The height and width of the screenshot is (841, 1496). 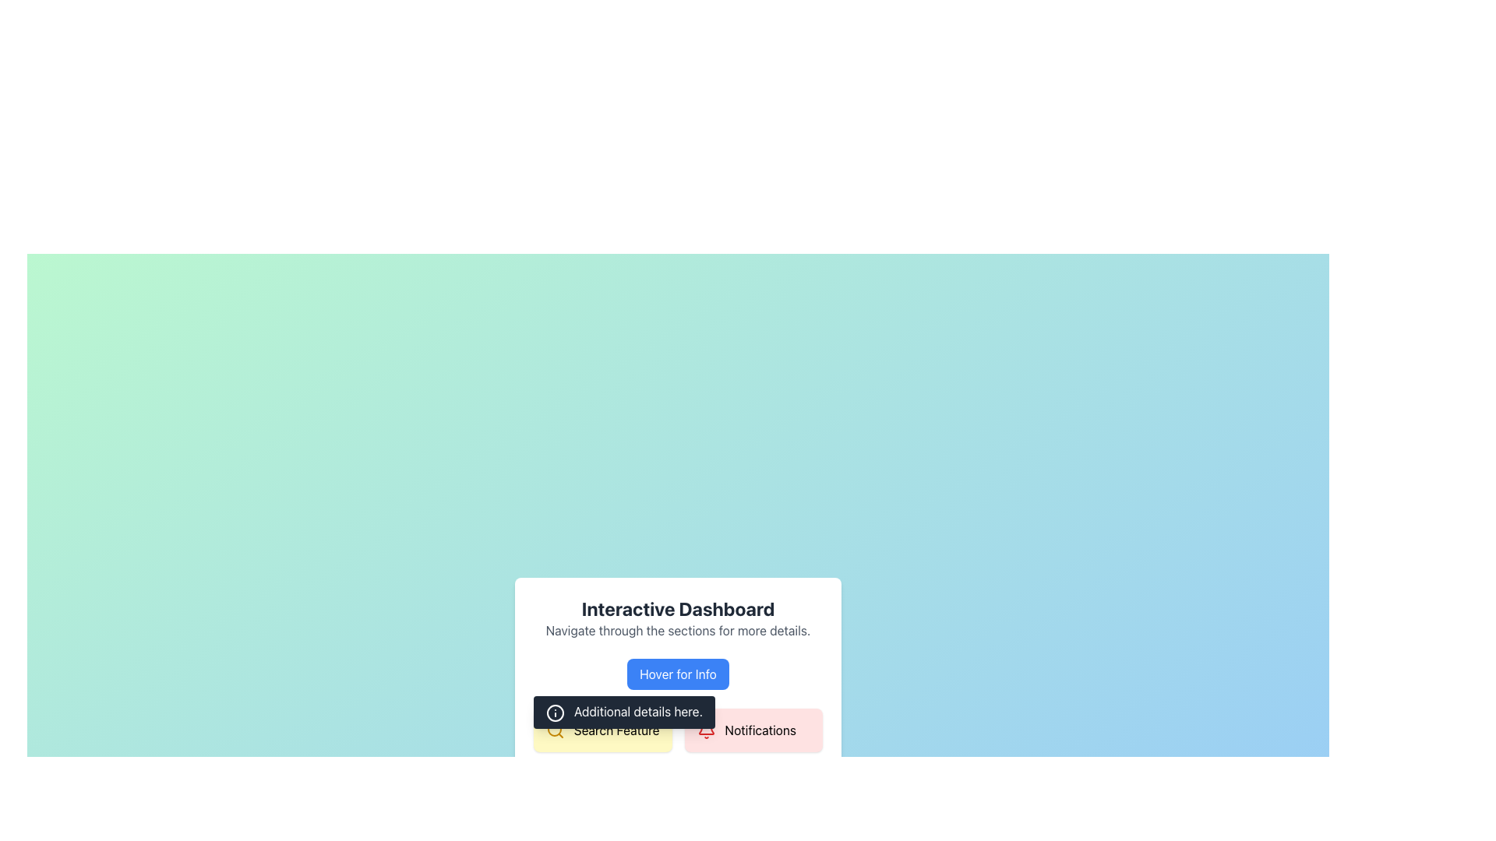 I want to click on the text label displaying 'Interactive Dashboard', which is prominently placed at the top of a card-like structure in a large, bold font, so click(x=678, y=608).